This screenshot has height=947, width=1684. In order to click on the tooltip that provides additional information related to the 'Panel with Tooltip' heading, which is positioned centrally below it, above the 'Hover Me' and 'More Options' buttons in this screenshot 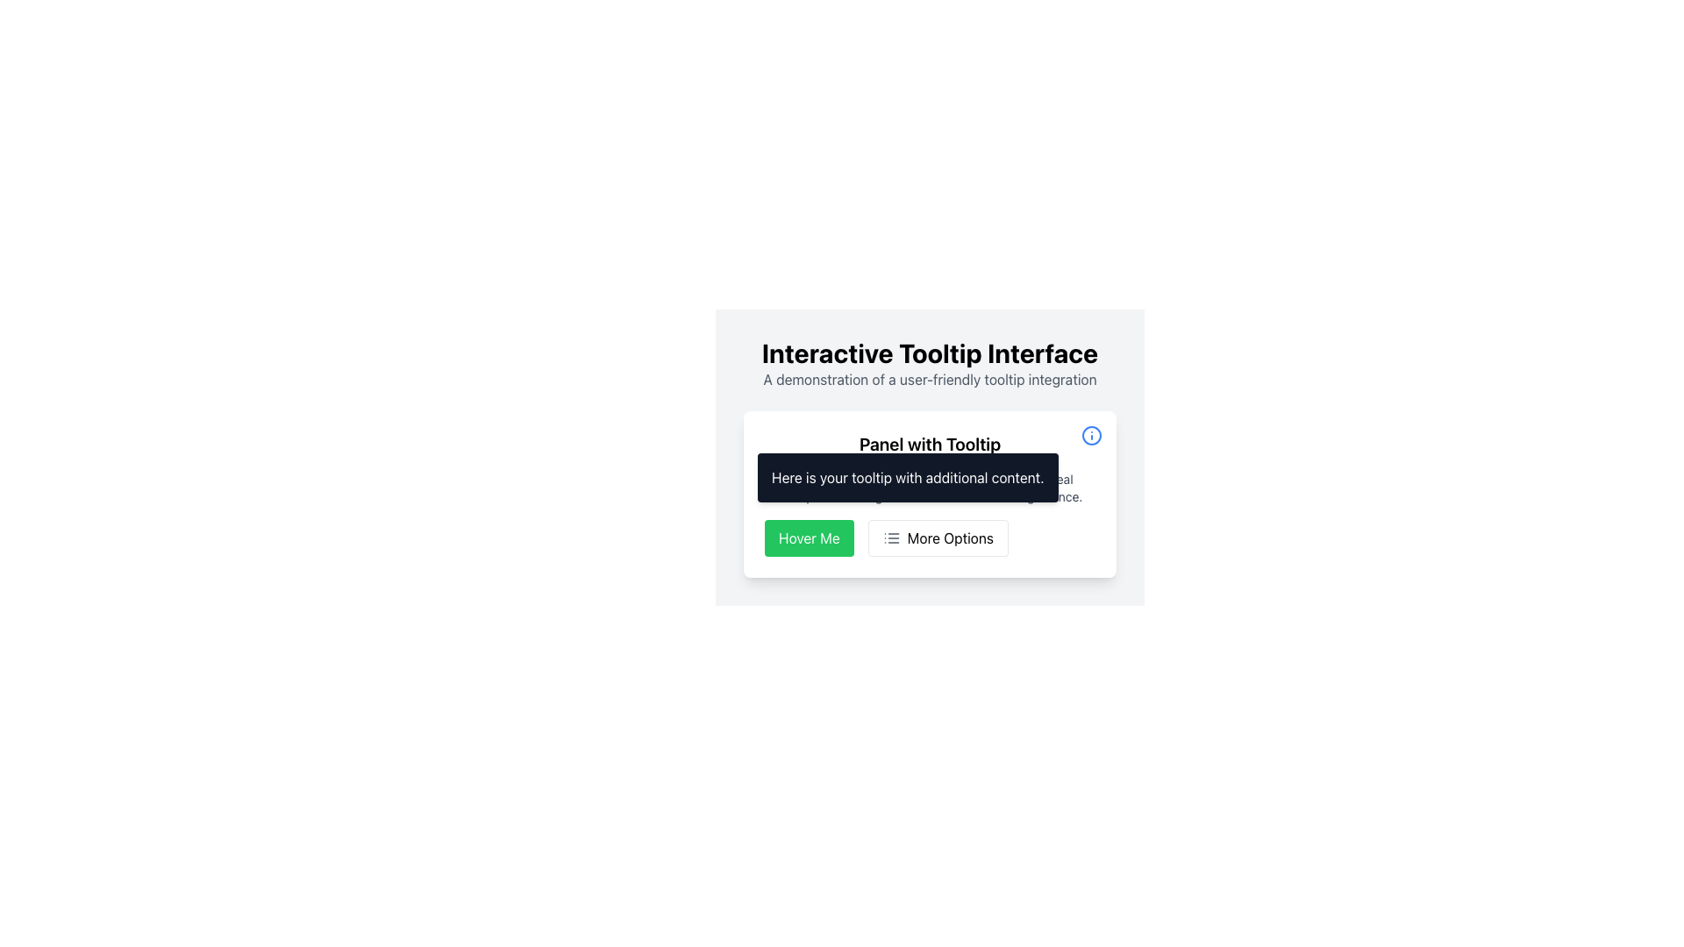, I will do `click(929, 494)`.